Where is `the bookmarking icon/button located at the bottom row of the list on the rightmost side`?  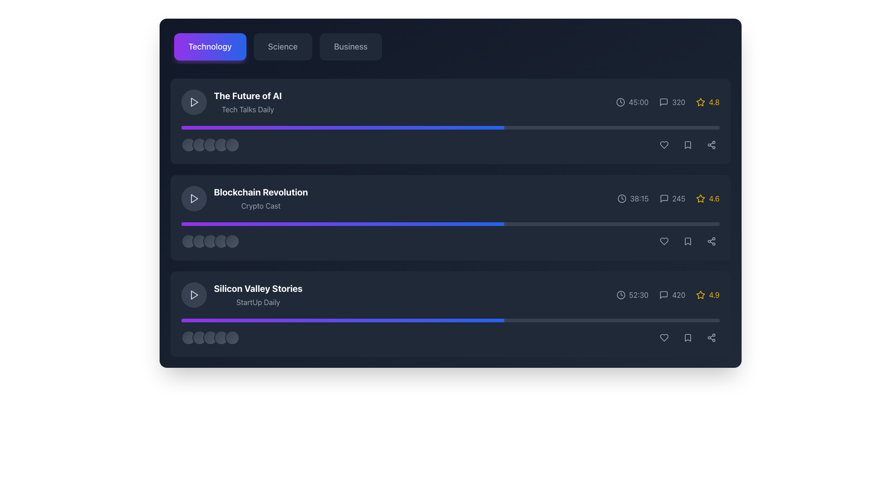 the bookmarking icon/button located at the bottom row of the list on the rightmost side is located at coordinates (687, 338).